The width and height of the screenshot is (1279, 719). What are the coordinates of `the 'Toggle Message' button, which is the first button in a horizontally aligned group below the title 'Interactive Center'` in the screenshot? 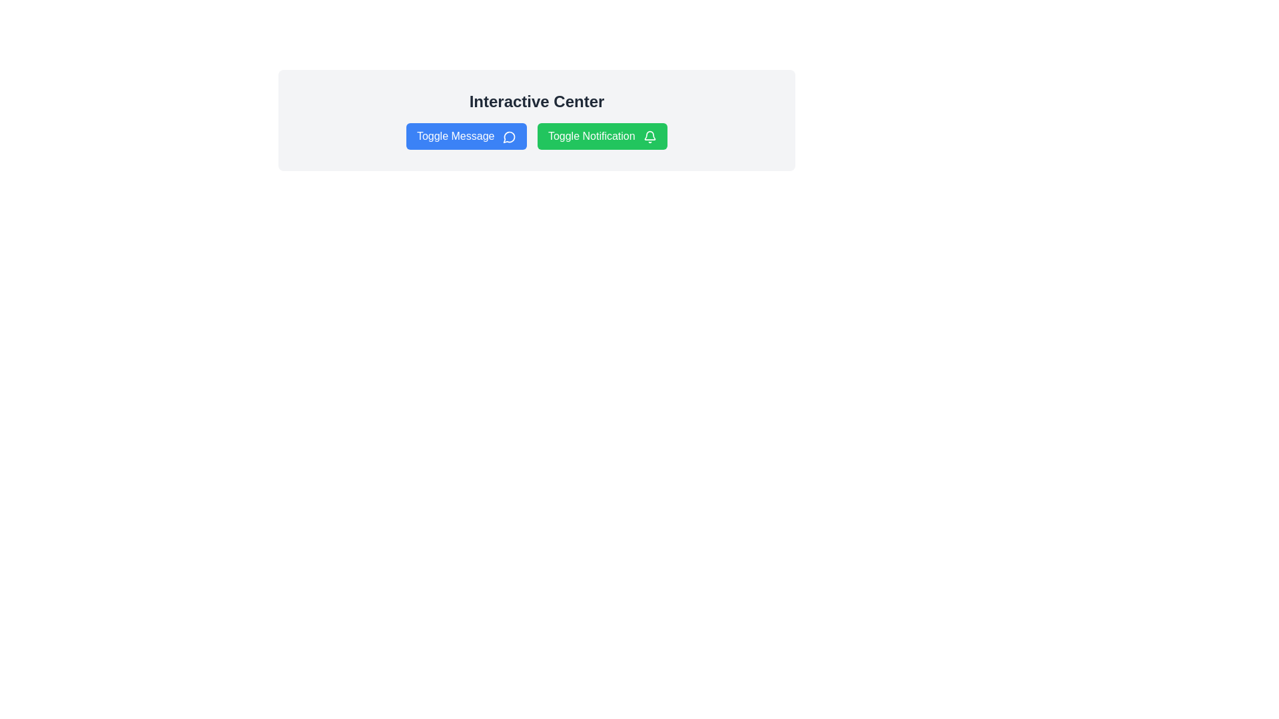 It's located at (466, 136).